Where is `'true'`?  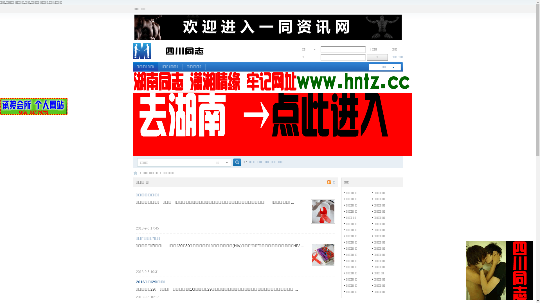
'true' is located at coordinates (231, 162).